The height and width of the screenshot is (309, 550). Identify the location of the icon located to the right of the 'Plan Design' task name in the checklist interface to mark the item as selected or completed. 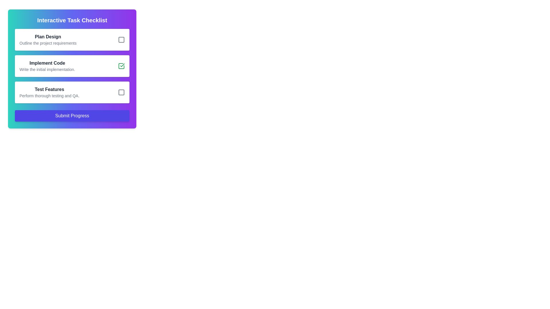
(121, 39).